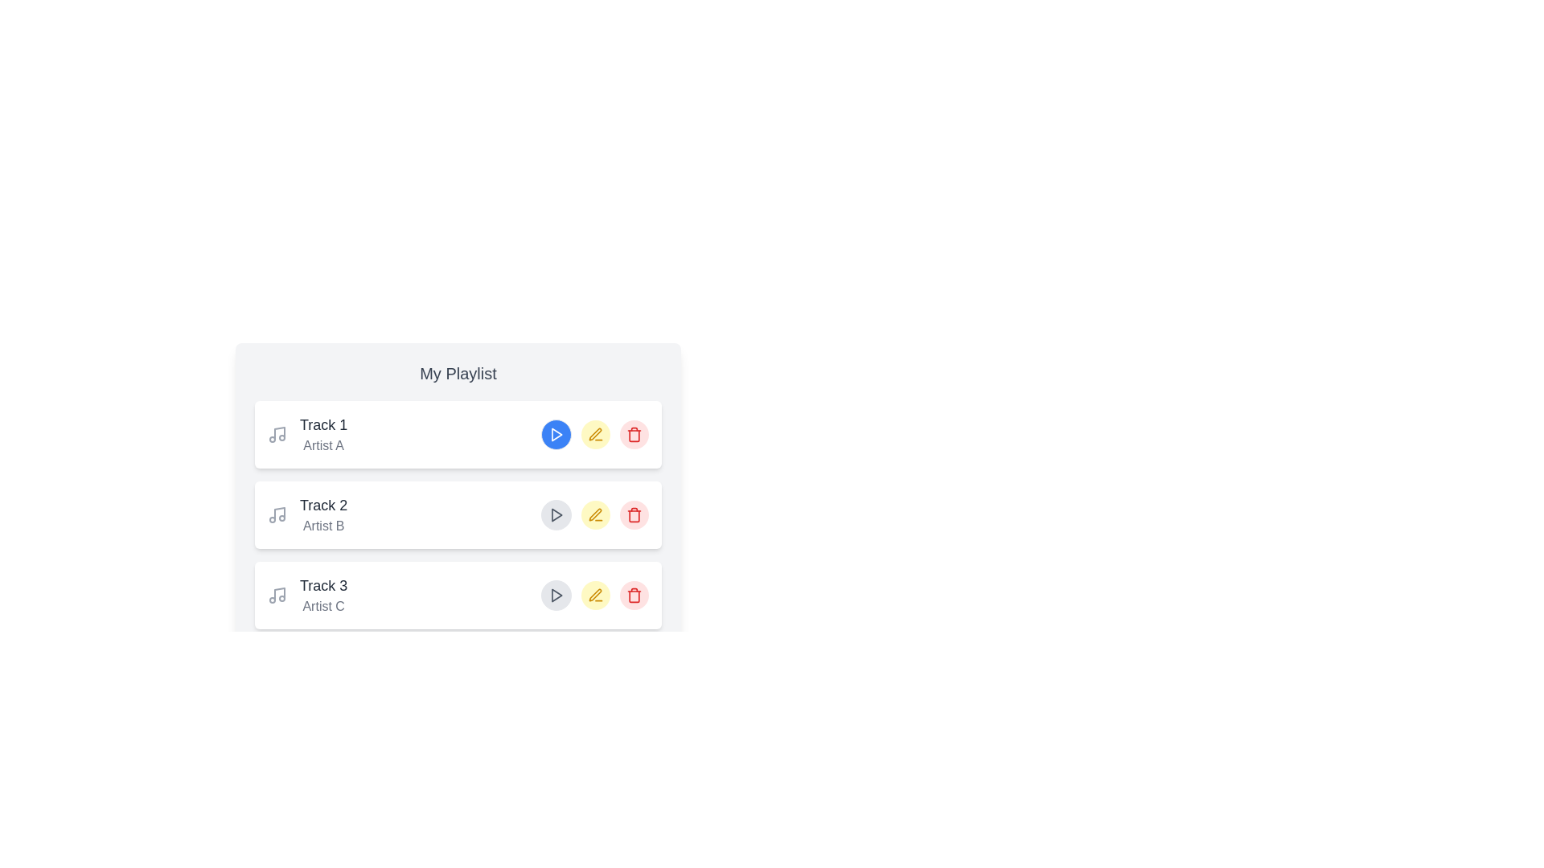 This screenshot has width=1544, height=868. What do you see at coordinates (594, 434) in the screenshot?
I see `edit button for the track to edit its details` at bounding box center [594, 434].